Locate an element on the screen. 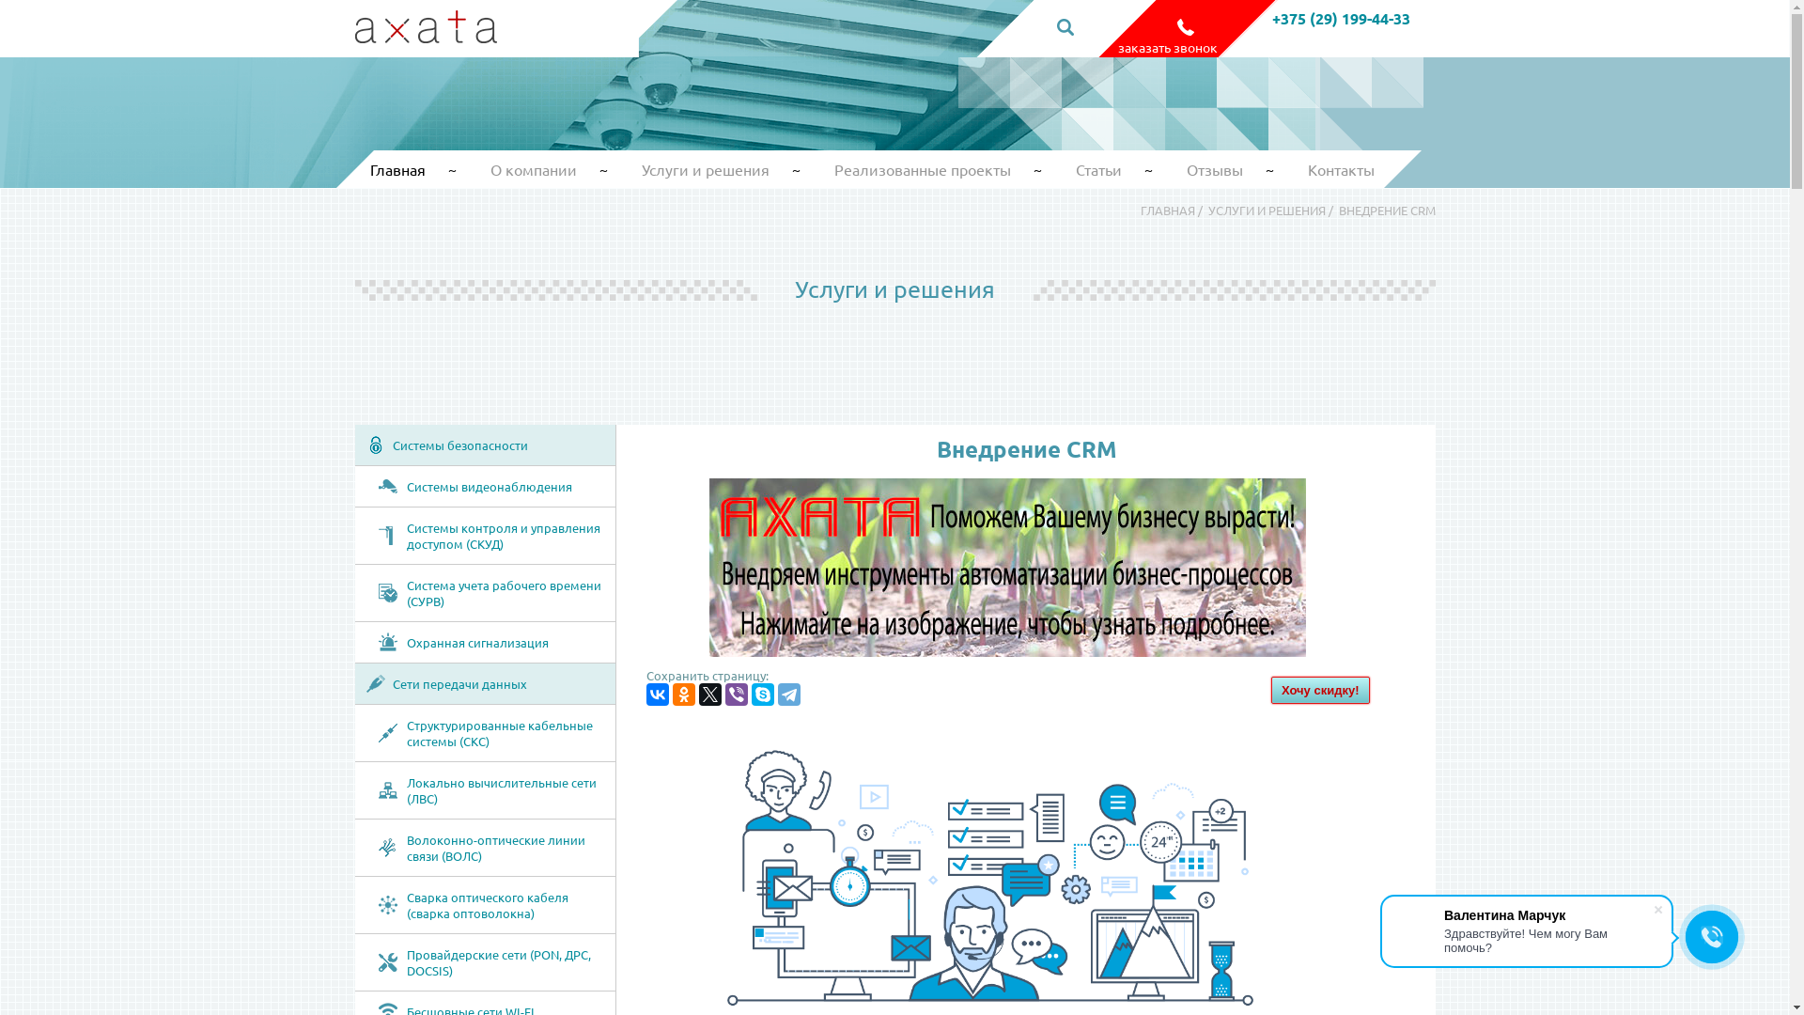 The width and height of the screenshot is (1804, 1015). 'Viber' is located at coordinates (735, 695).